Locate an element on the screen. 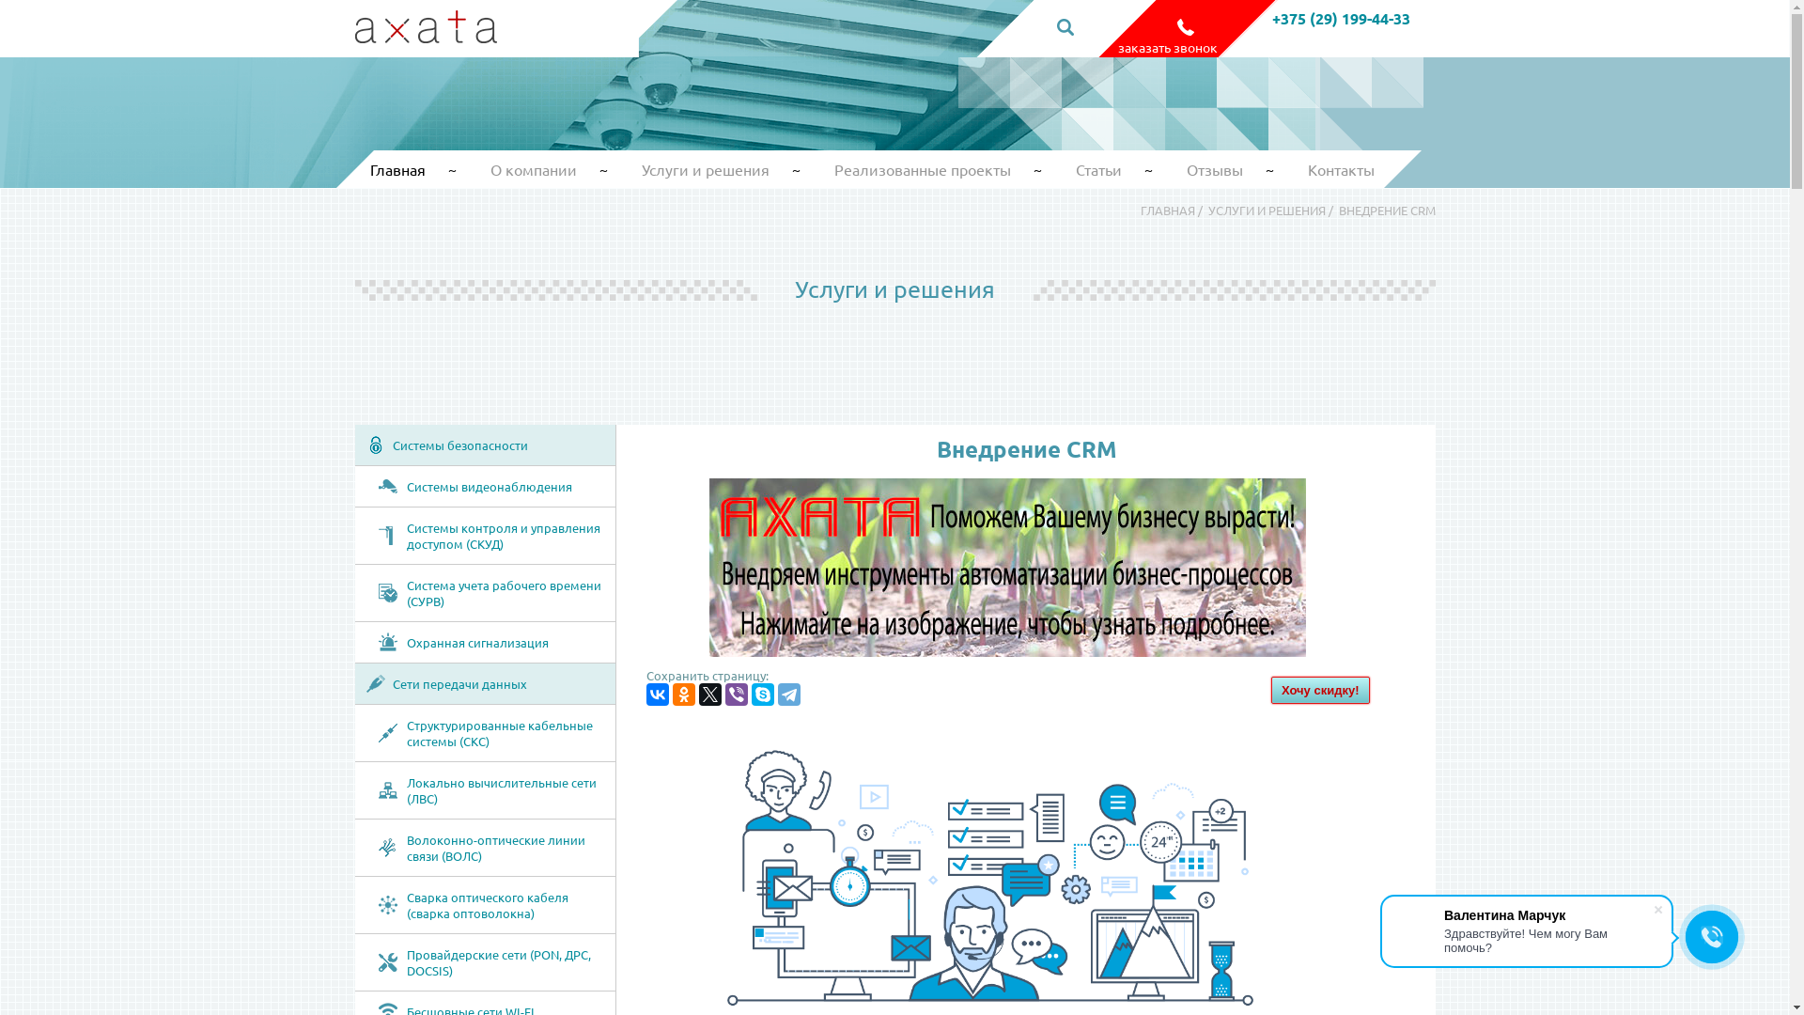 The width and height of the screenshot is (1804, 1015). 'Viber' is located at coordinates (735, 695).